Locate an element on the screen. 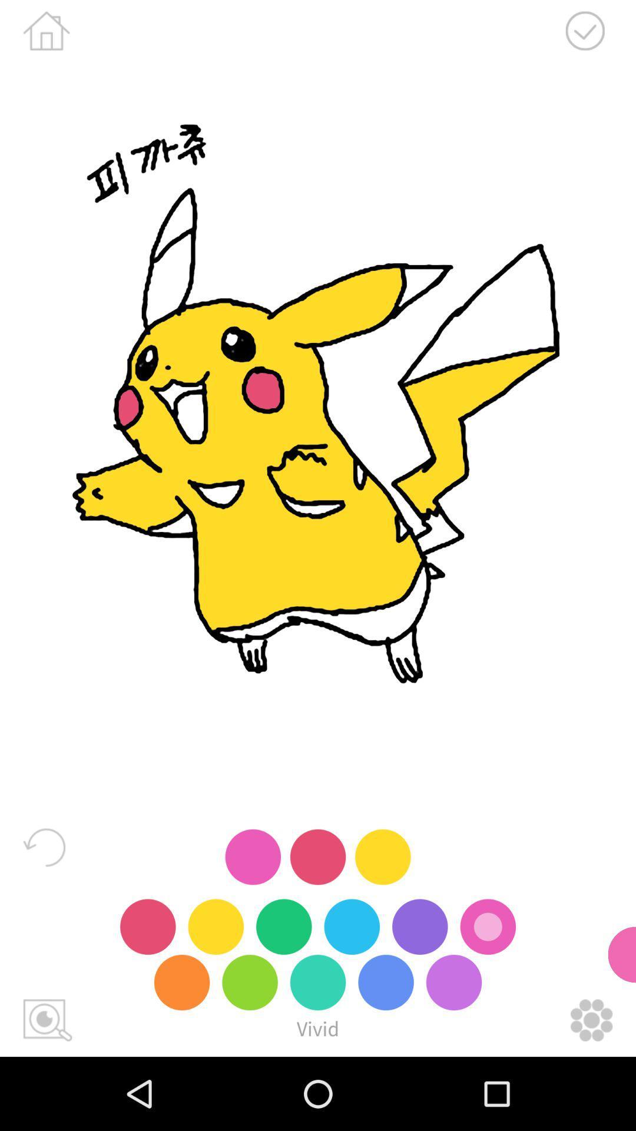 The height and width of the screenshot is (1131, 636). the undo icon is located at coordinates (44, 846).